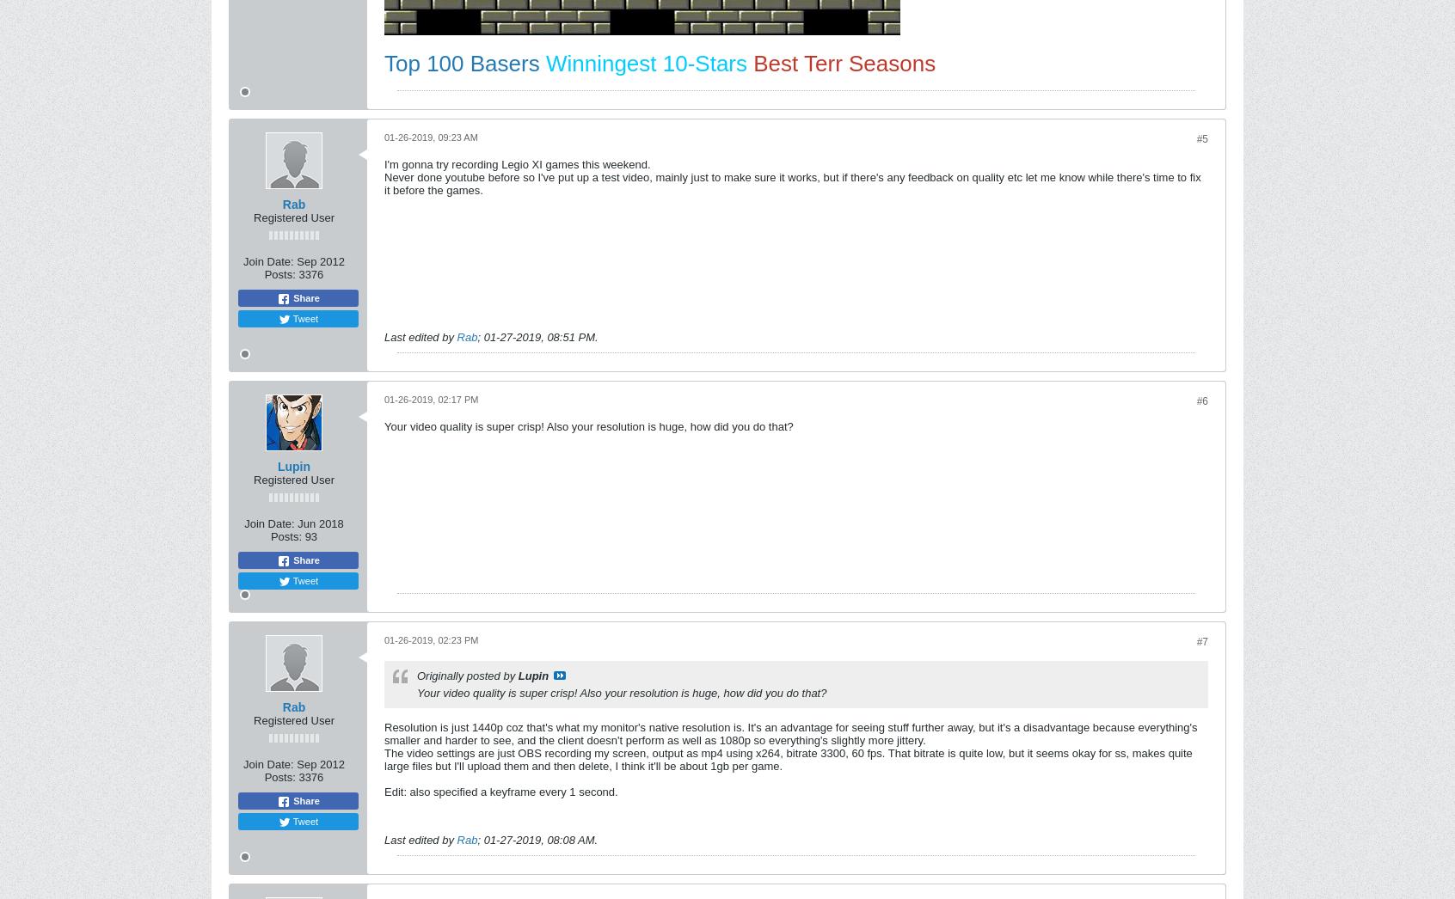 Image resolution: width=1455 pixels, height=899 pixels. What do you see at coordinates (787, 758) in the screenshot?
I see `'The video settings are just OBS recording my screen, output as mp4 using x264, bitrate 3300, 60 fps. That bitrate is quite low, but it seems okay for ss, makes quite large files but I'll upload them and then delete, I think it'll be about 1gb per game.'` at bounding box center [787, 758].